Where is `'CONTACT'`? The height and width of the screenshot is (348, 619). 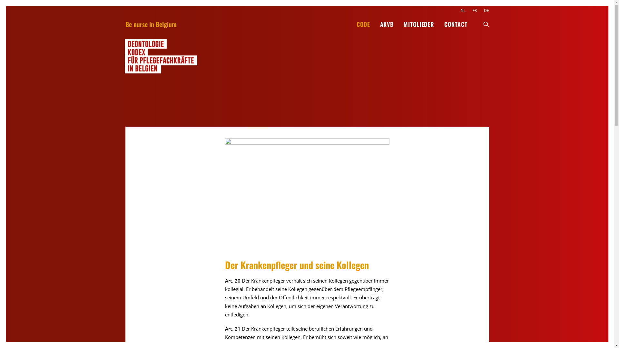
'CONTACT' is located at coordinates (453, 24).